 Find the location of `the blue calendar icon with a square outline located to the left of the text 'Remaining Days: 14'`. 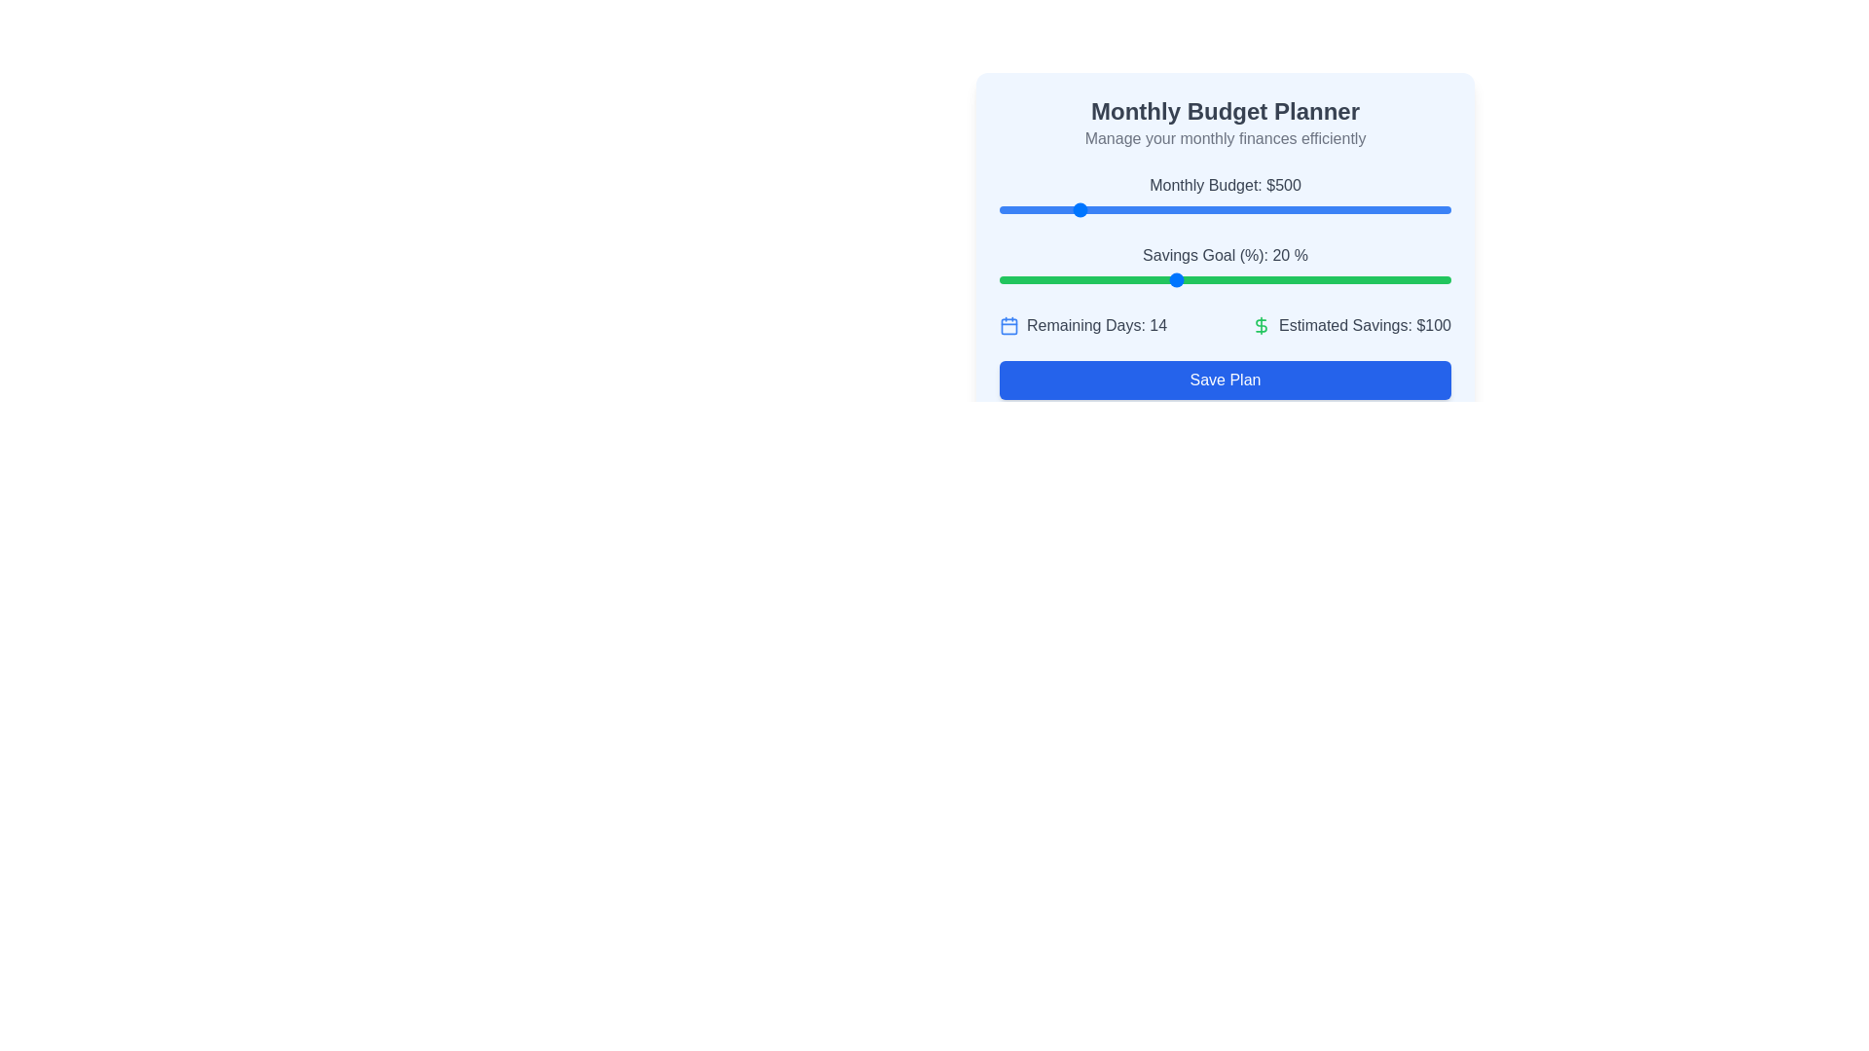

the blue calendar icon with a square outline located to the left of the text 'Remaining Days: 14' is located at coordinates (1008, 325).